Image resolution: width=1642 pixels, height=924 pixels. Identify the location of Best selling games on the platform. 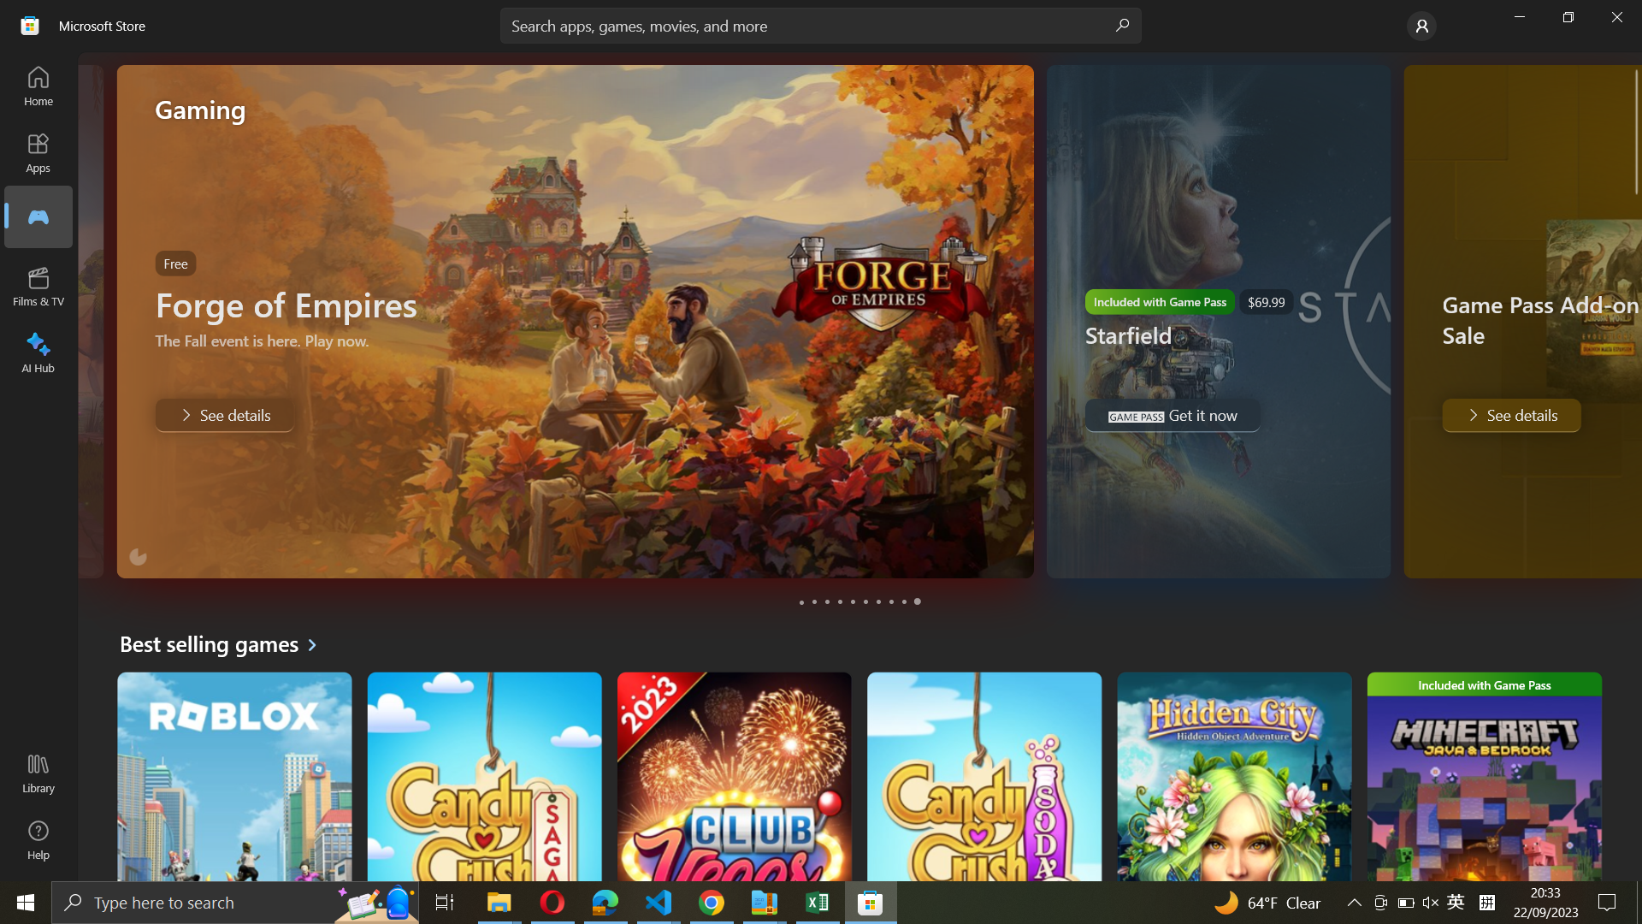
(224, 643).